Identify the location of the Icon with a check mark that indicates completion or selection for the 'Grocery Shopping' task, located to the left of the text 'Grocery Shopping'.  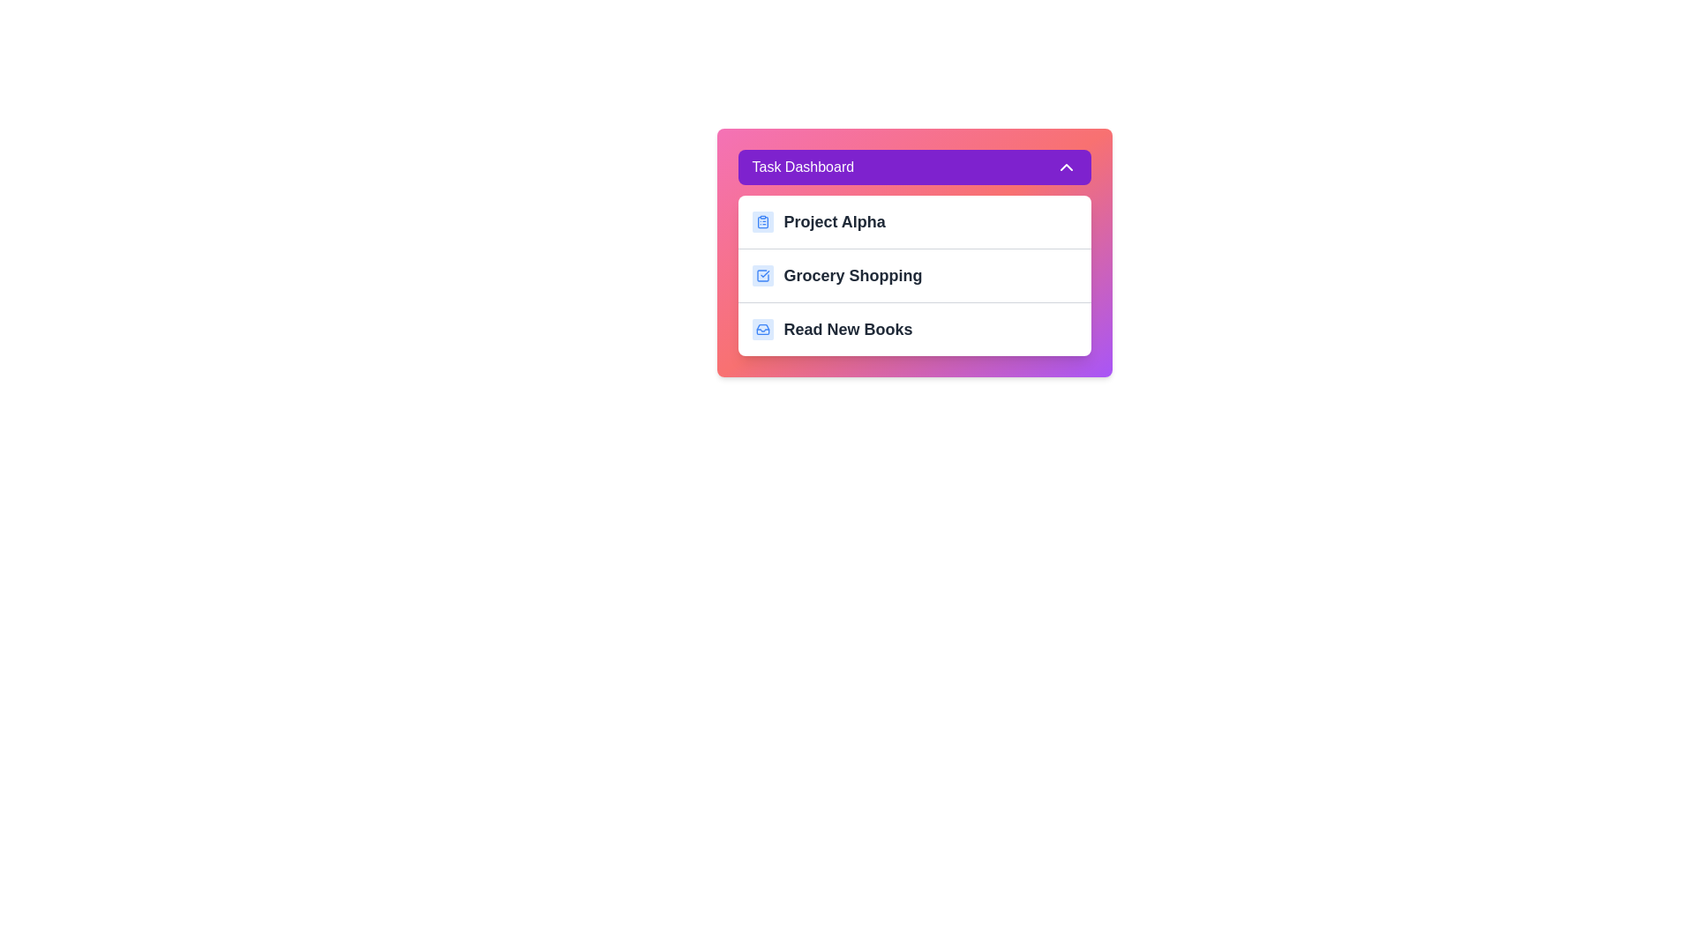
(762, 275).